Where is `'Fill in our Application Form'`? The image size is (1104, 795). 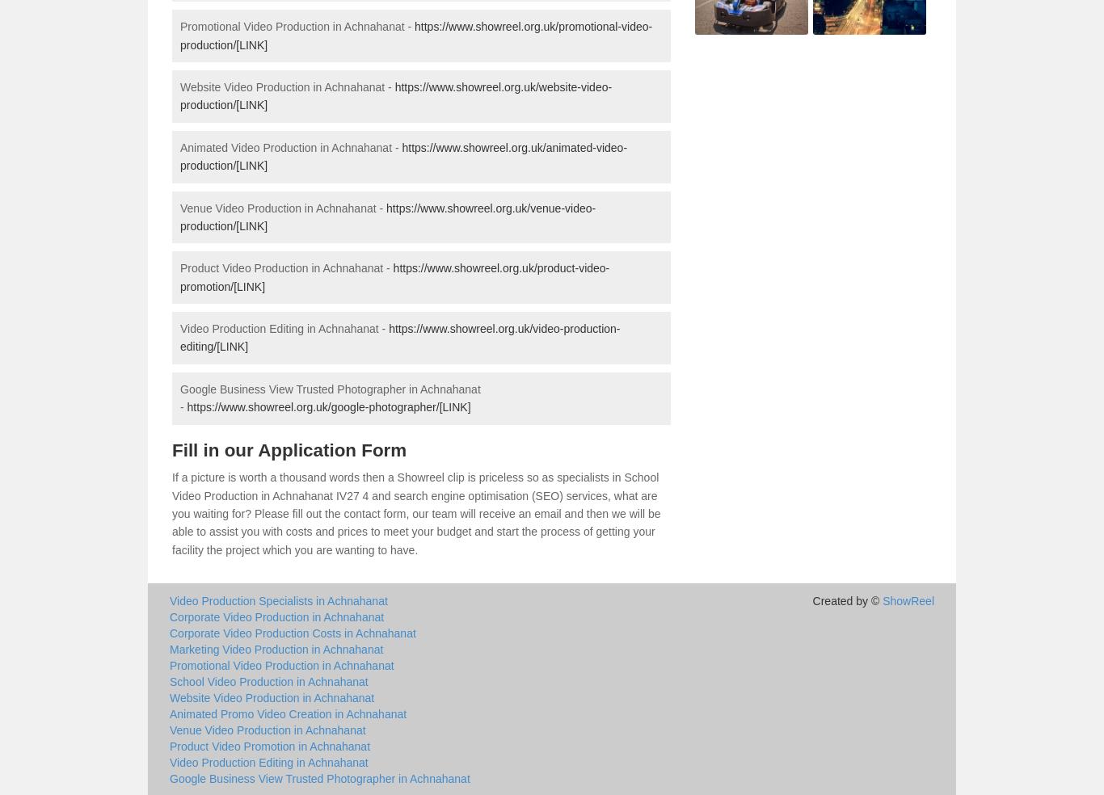
'Fill in our Application Form' is located at coordinates (289, 448).